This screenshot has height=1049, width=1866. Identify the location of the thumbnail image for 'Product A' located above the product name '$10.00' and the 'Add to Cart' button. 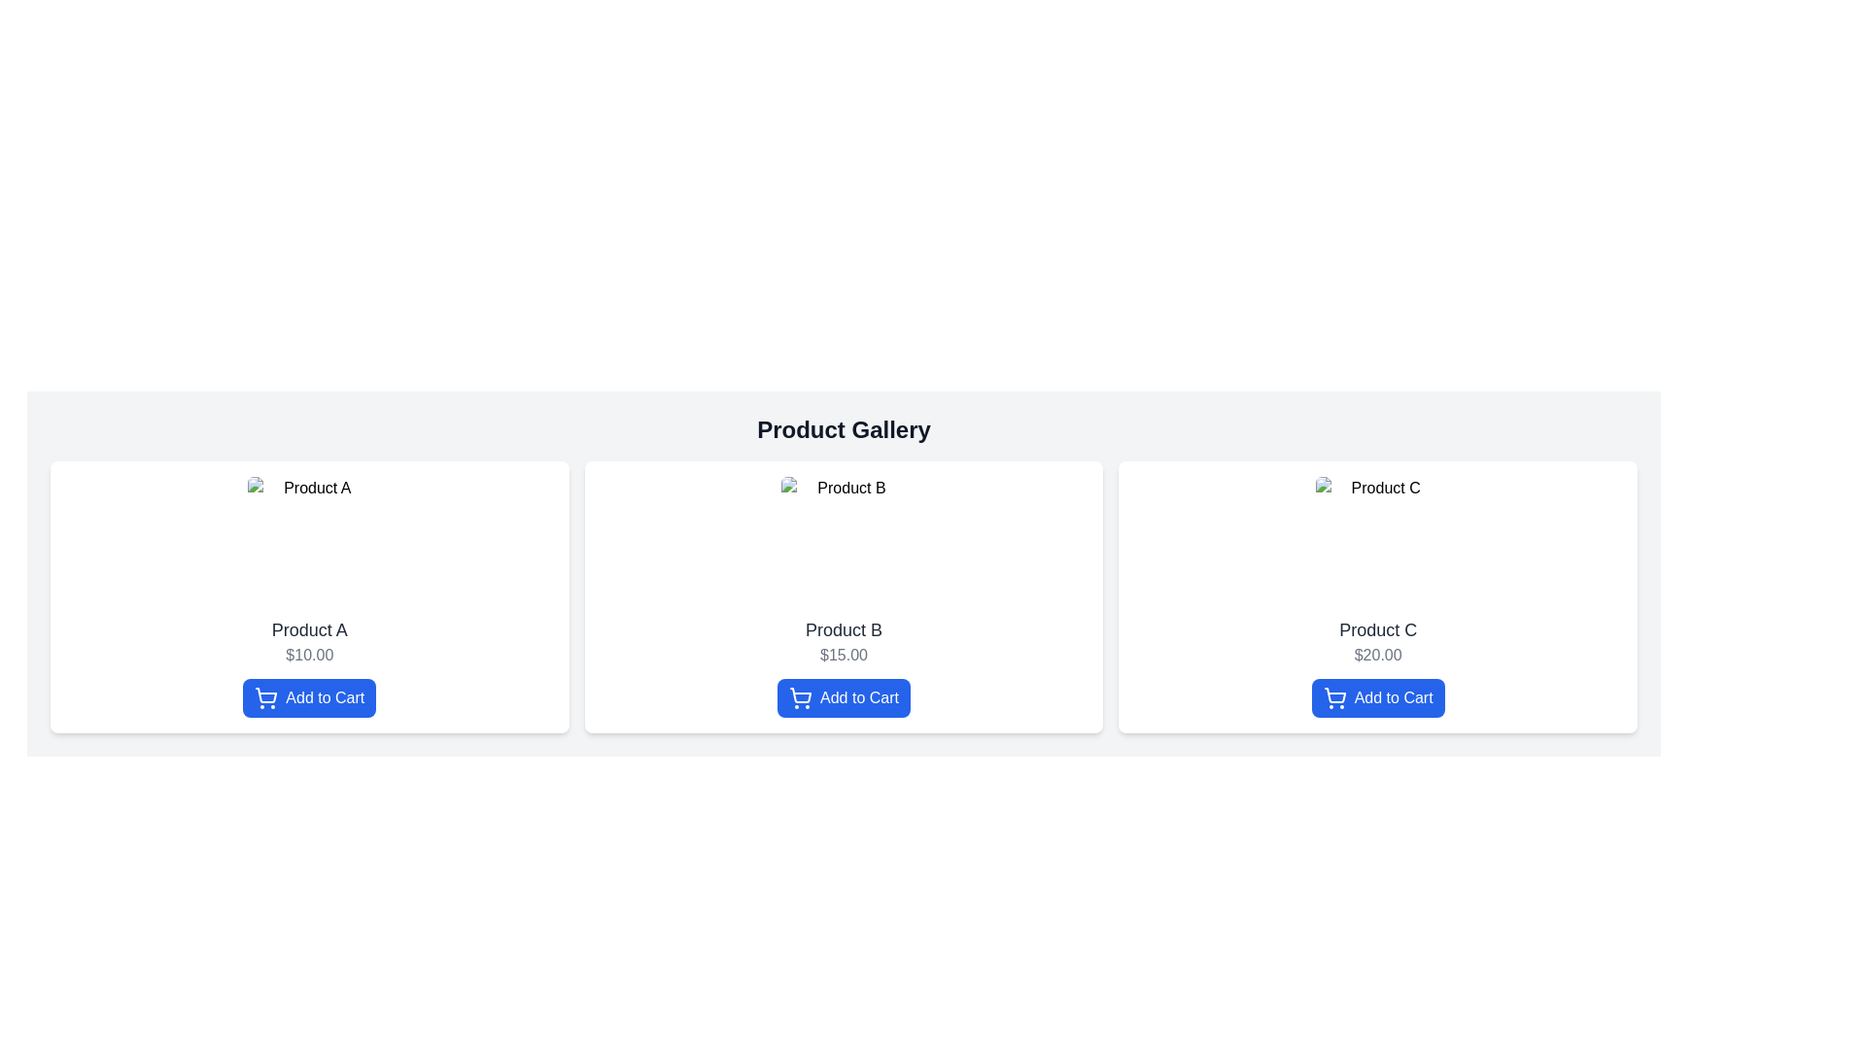
(308, 539).